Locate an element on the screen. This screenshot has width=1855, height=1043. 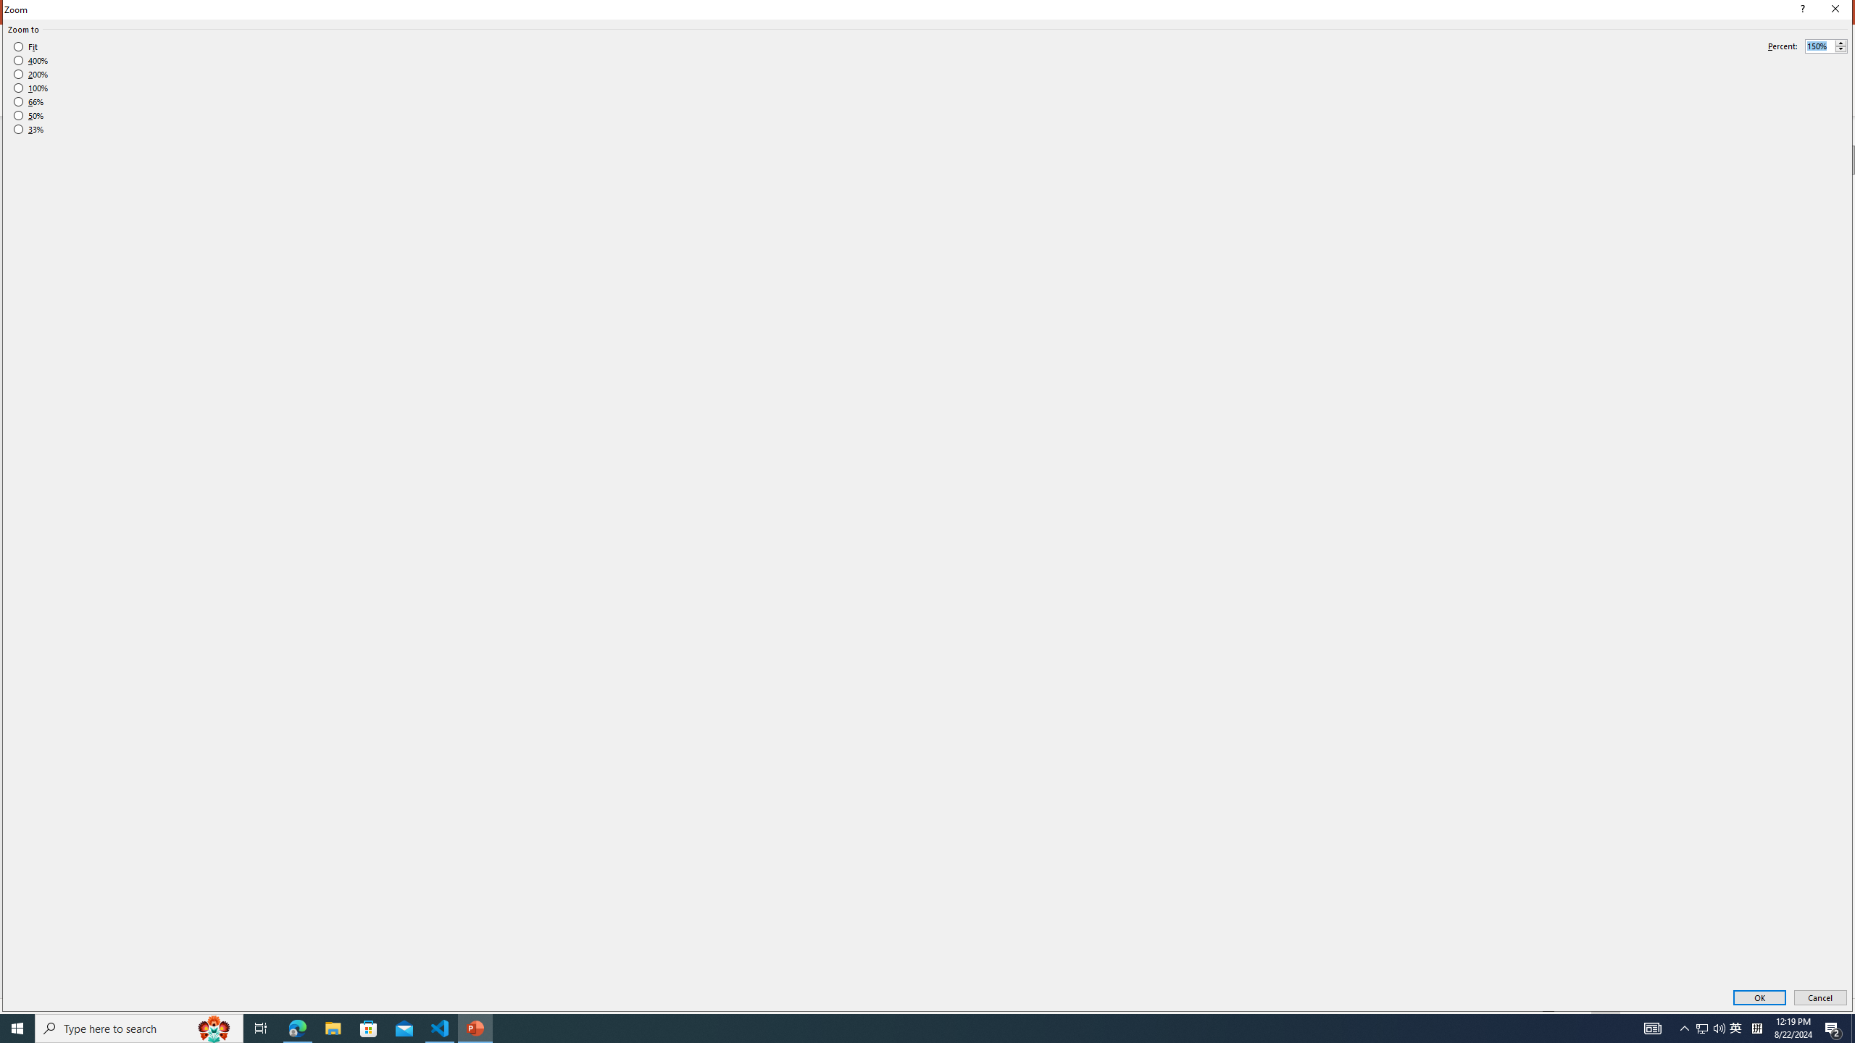
'Less' is located at coordinates (1840, 49).